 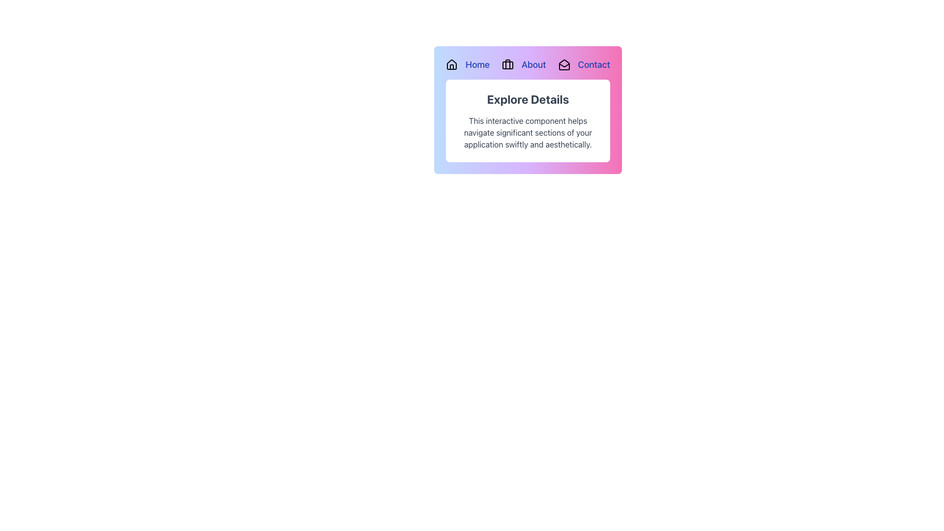 What do you see at coordinates (528, 64) in the screenshot?
I see `the 'About' link in the breadcrumb navigation bar, which is styled in blue links and includes an icon before the text label` at bounding box center [528, 64].